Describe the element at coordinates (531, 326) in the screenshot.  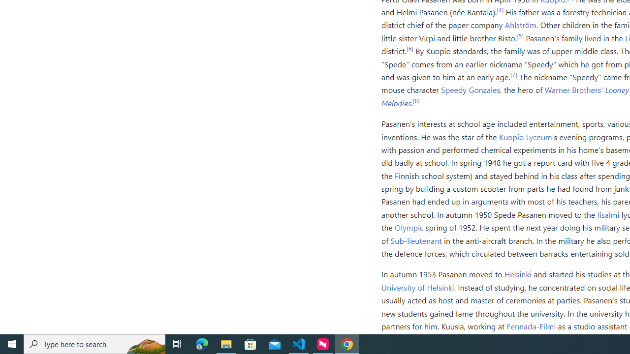
I see `'Fennada-Filmi'` at that location.